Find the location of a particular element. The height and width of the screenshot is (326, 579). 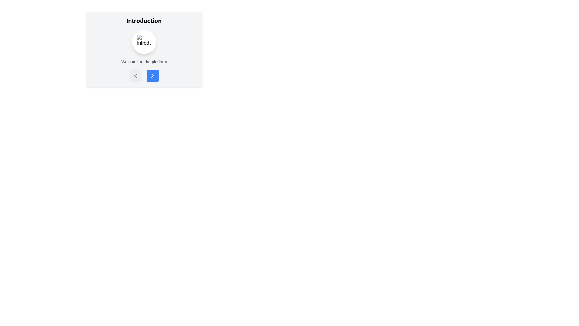

the rectangular button with rounded corners, gray background, and left-facing chevron icon located to the left of a blue button in the lower section of the 'Introduction' card is located at coordinates (135, 75).